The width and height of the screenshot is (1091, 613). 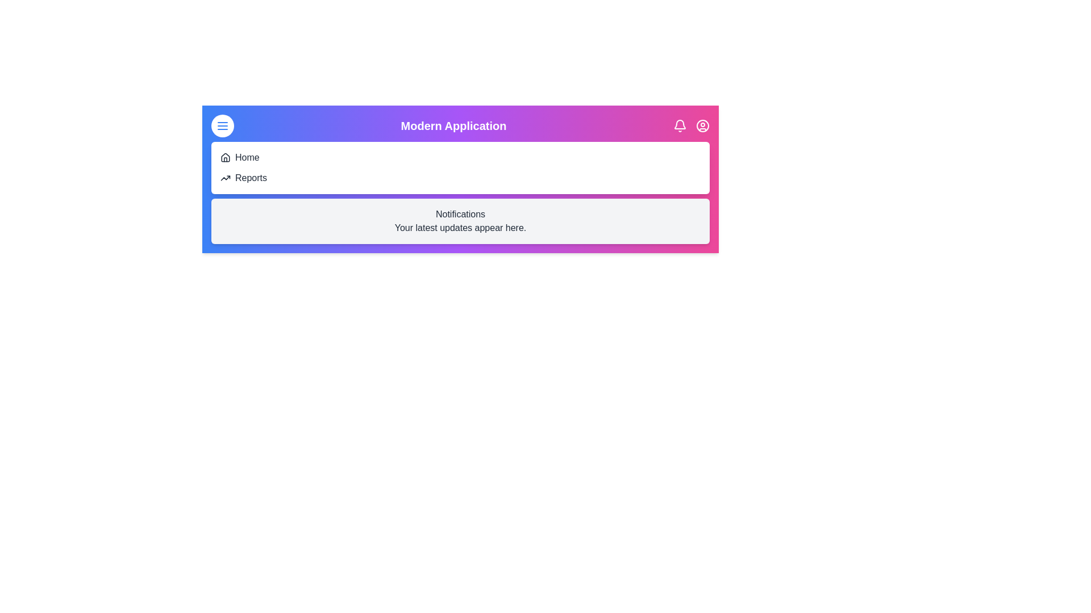 What do you see at coordinates (250, 178) in the screenshot?
I see `the 'Reports' menu item to navigate to the Reports section` at bounding box center [250, 178].